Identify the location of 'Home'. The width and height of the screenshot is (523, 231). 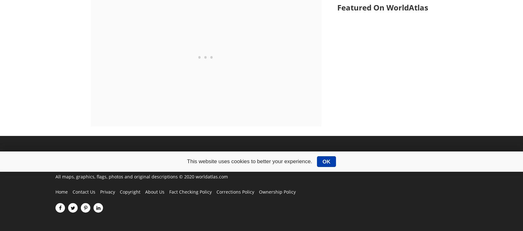
(55, 191).